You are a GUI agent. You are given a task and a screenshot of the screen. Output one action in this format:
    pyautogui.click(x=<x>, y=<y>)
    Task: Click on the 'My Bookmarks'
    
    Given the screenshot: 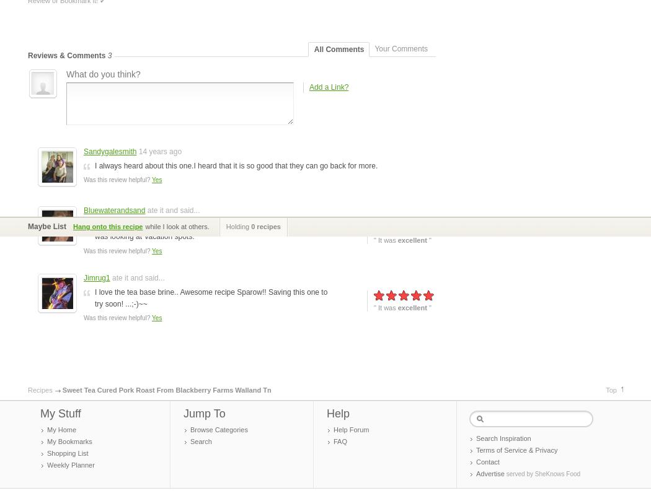 What is the action you would take?
    pyautogui.click(x=69, y=440)
    